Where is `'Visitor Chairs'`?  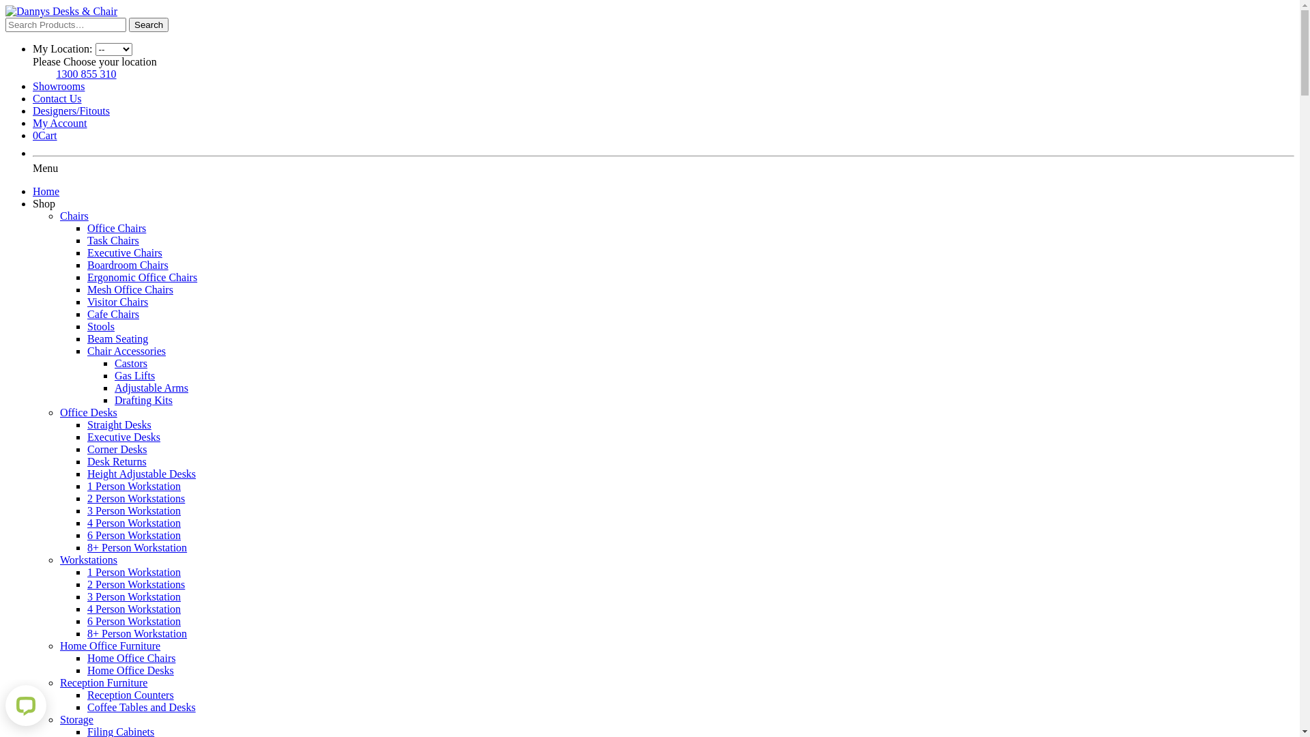
'Visitor Chairs' is located at coordinates (117, 301).